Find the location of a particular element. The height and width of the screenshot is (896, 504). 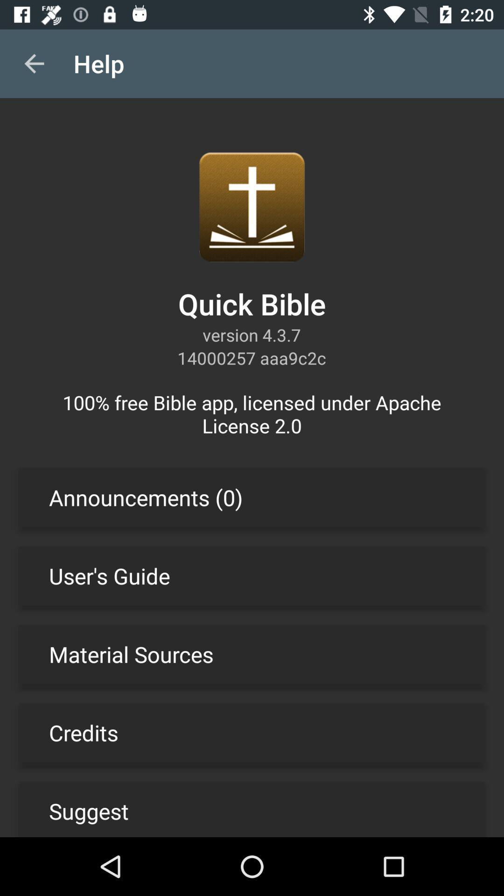

item next to the help app is located at coordinates (34, 63).